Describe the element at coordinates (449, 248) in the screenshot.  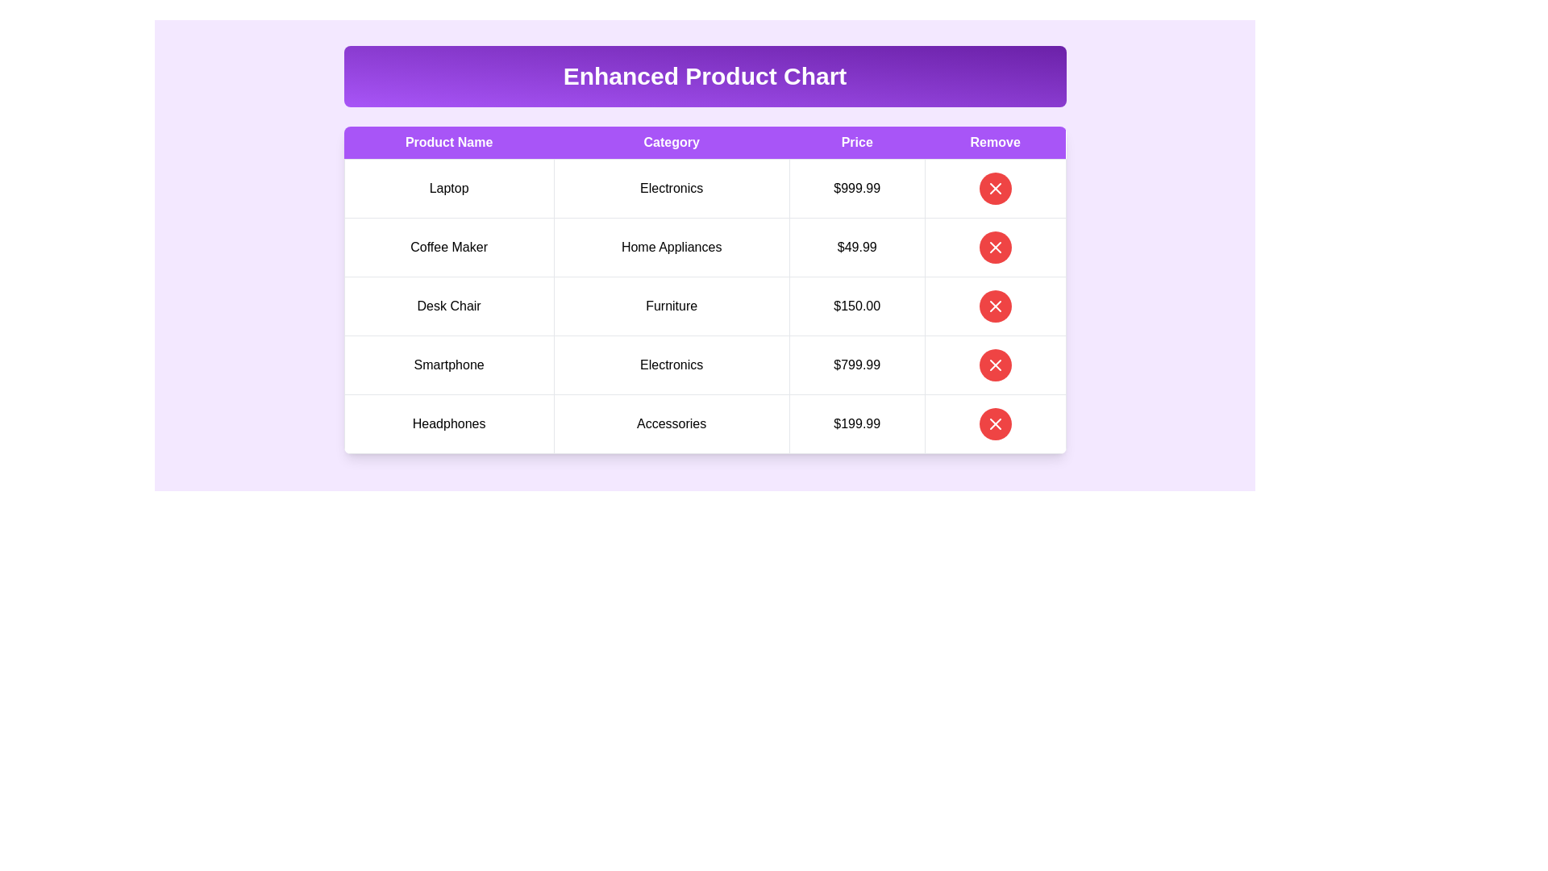
I see `text label for the product name located in the first cell of the second row of the table under the 'Product Name' column` at that location.